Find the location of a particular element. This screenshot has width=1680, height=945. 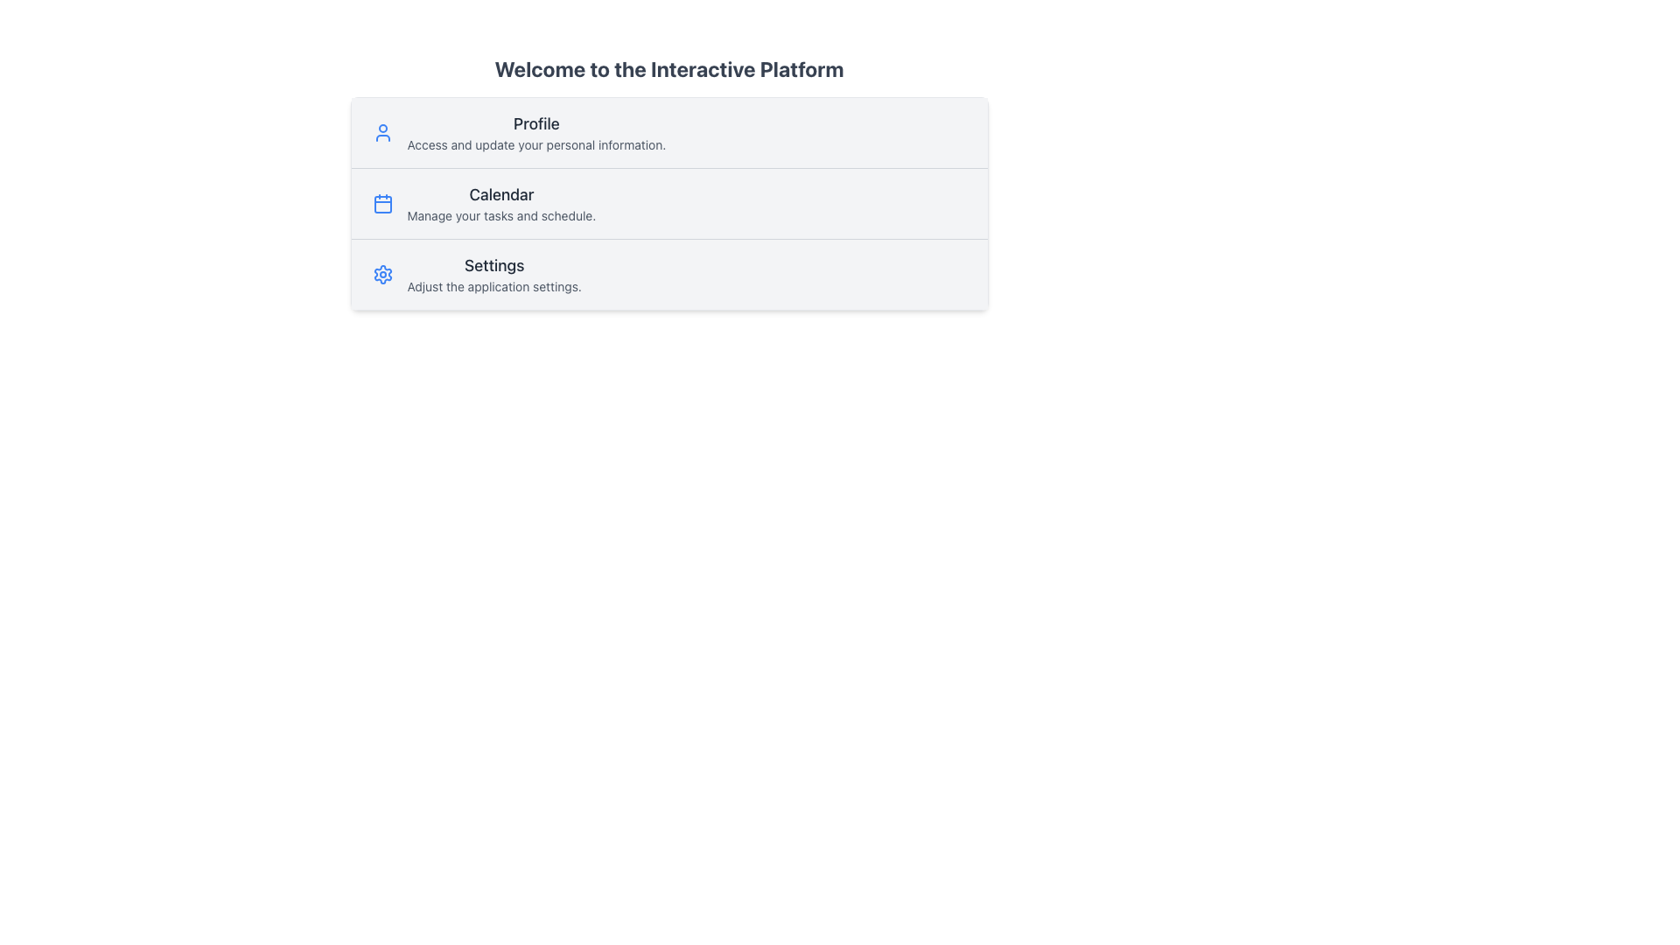

the informational panel or navigation link located centrally below the 'Profile' section is located at coordinates (668, 182).